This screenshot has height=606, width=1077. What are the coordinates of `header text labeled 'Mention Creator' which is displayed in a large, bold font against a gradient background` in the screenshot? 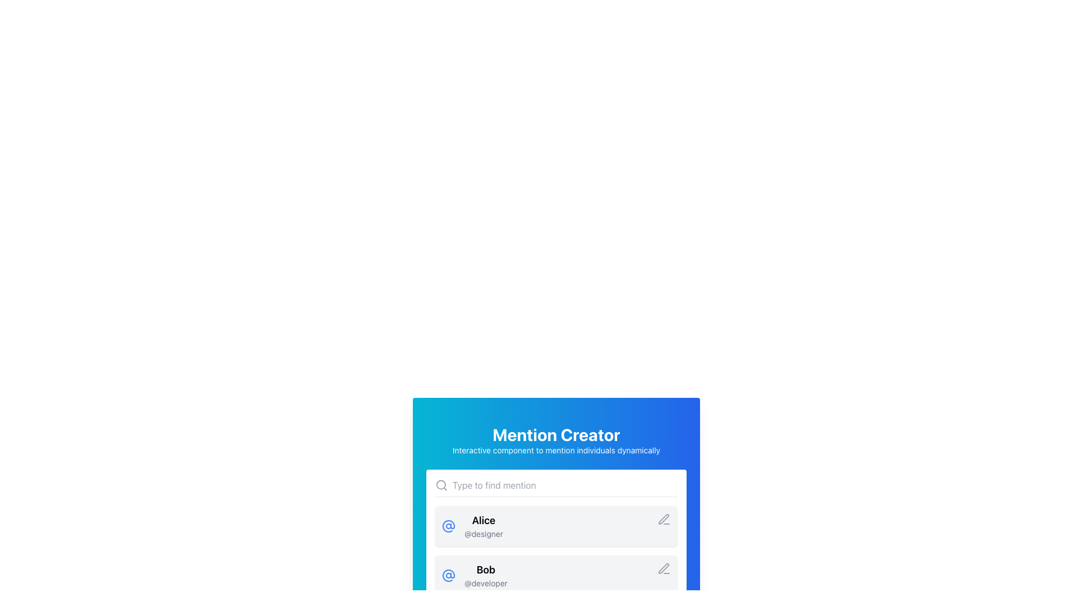 It's located at (556, 434).